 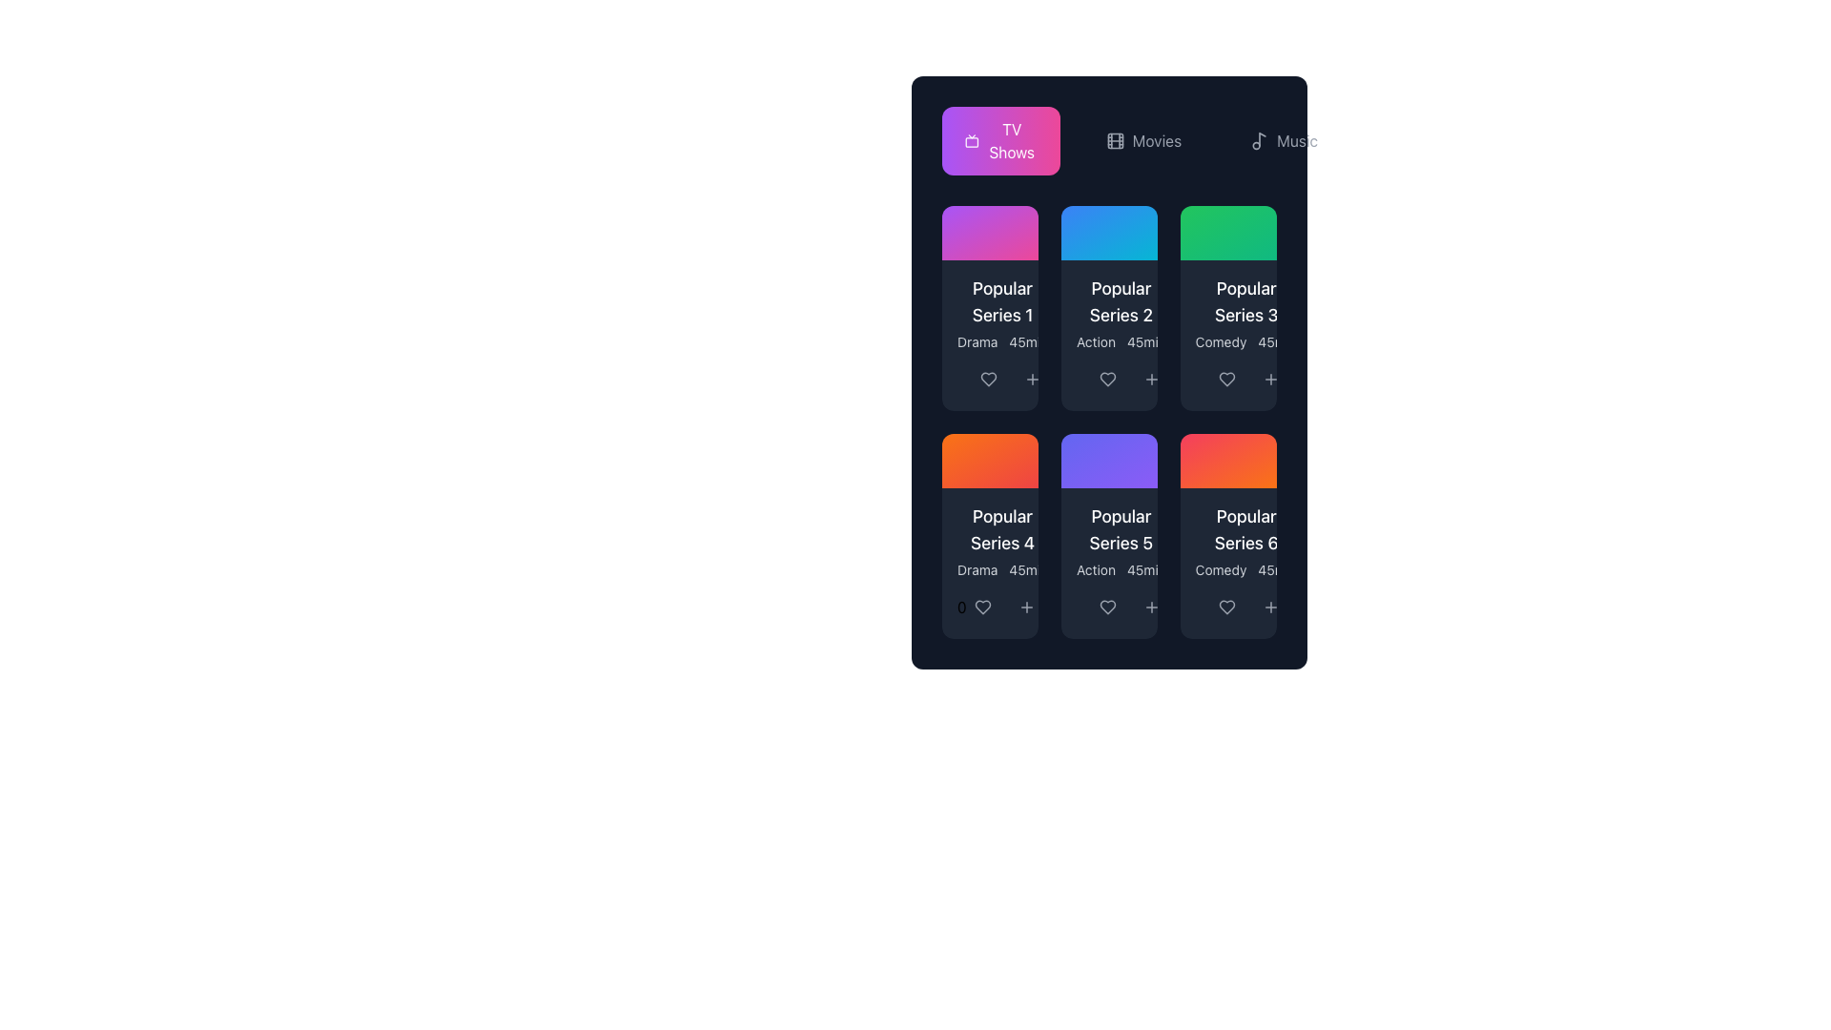 What do you see at coordinates (1313, 607) in the screenshot?
I see `the small interactive share symbol located within the right-aligned, rounded button at the bottom edge of the user interface panel` at bounding box center [1313, 607].